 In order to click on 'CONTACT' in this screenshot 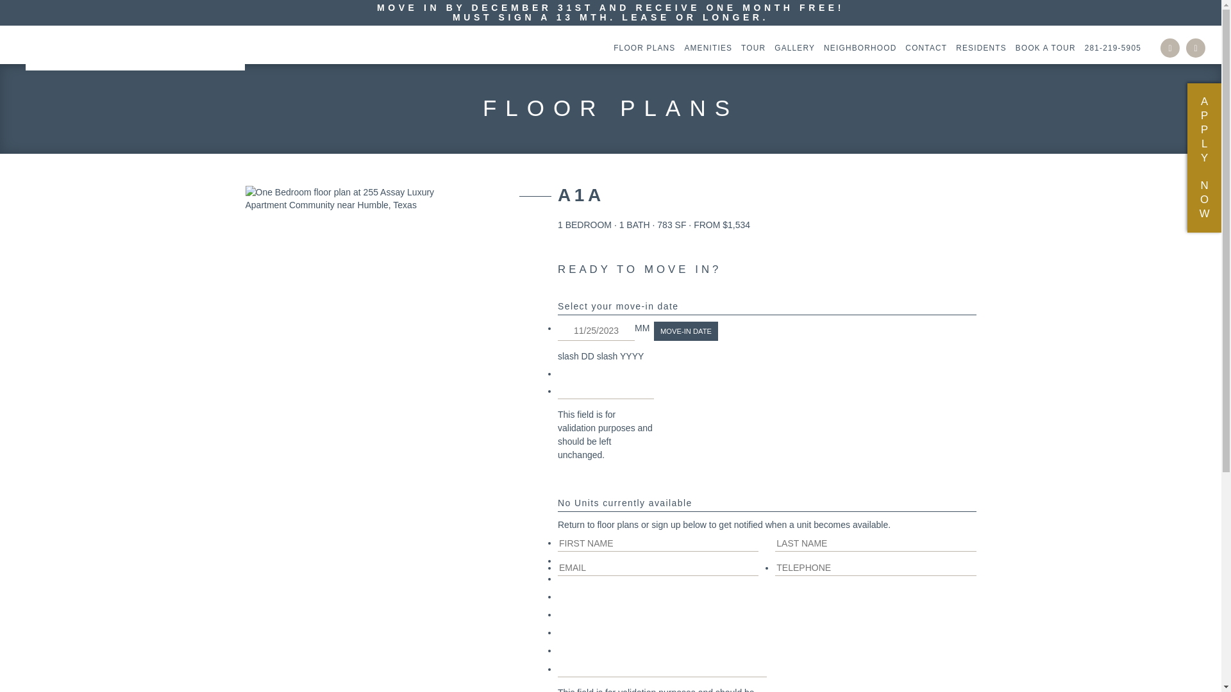, I will do `click(922, 47)`.